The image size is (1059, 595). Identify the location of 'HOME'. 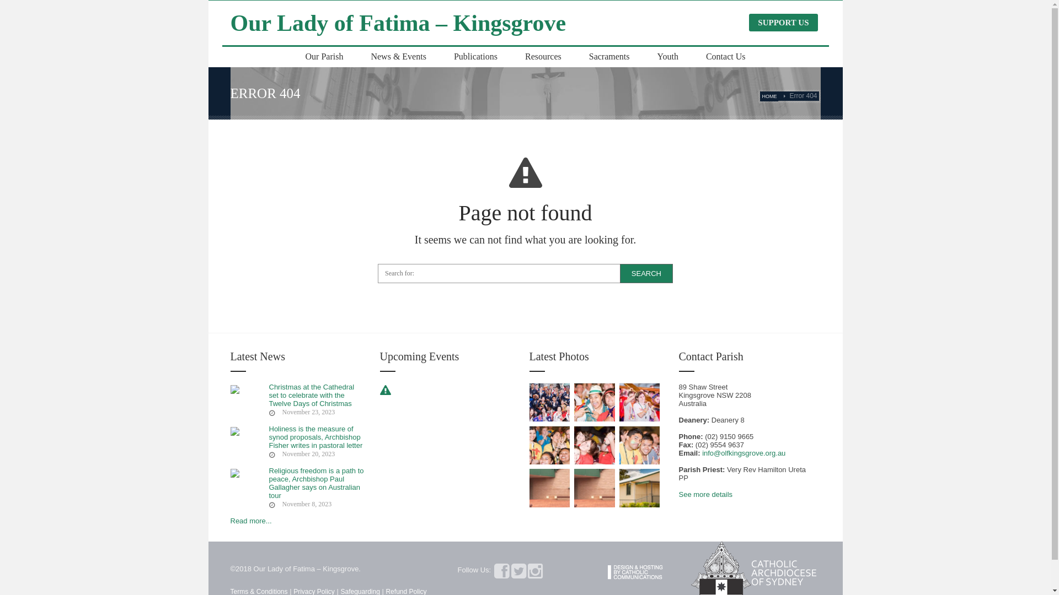
(768, 95).